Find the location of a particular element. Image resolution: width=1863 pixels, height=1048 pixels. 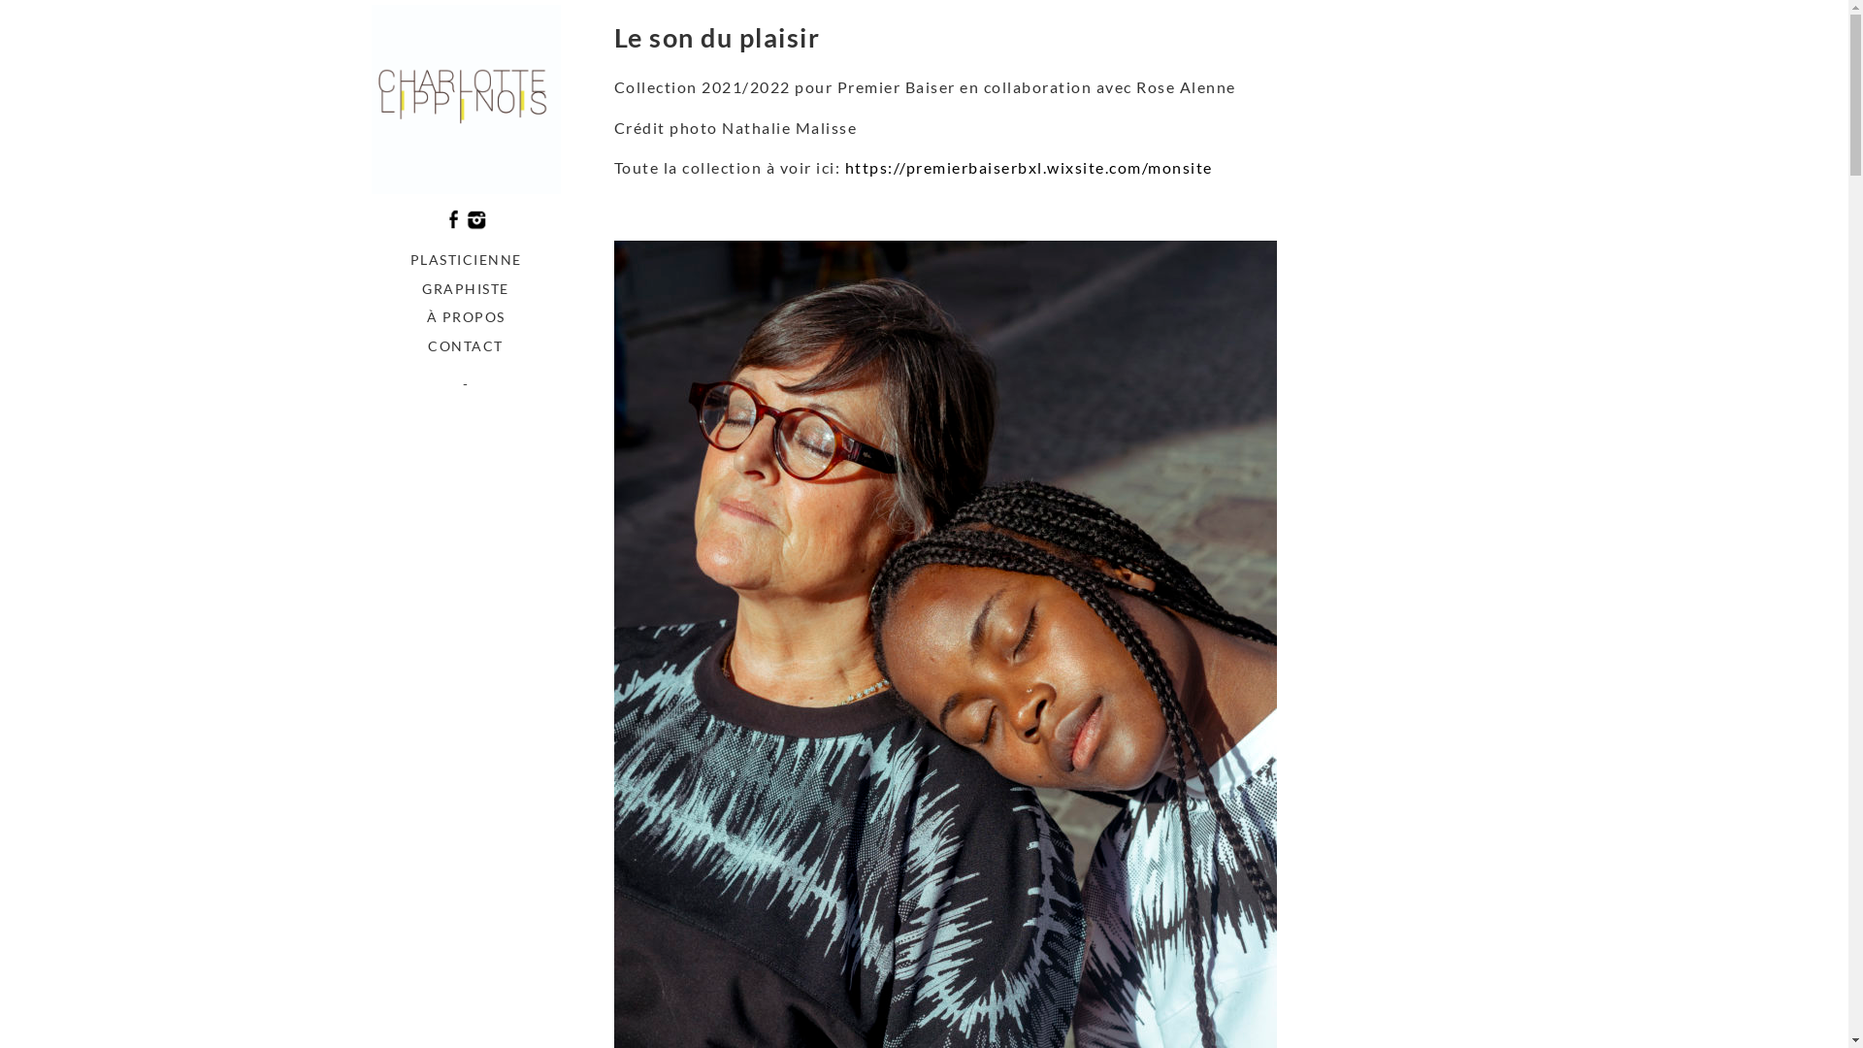

'CONTACT' is located at coordinates (464, 345).